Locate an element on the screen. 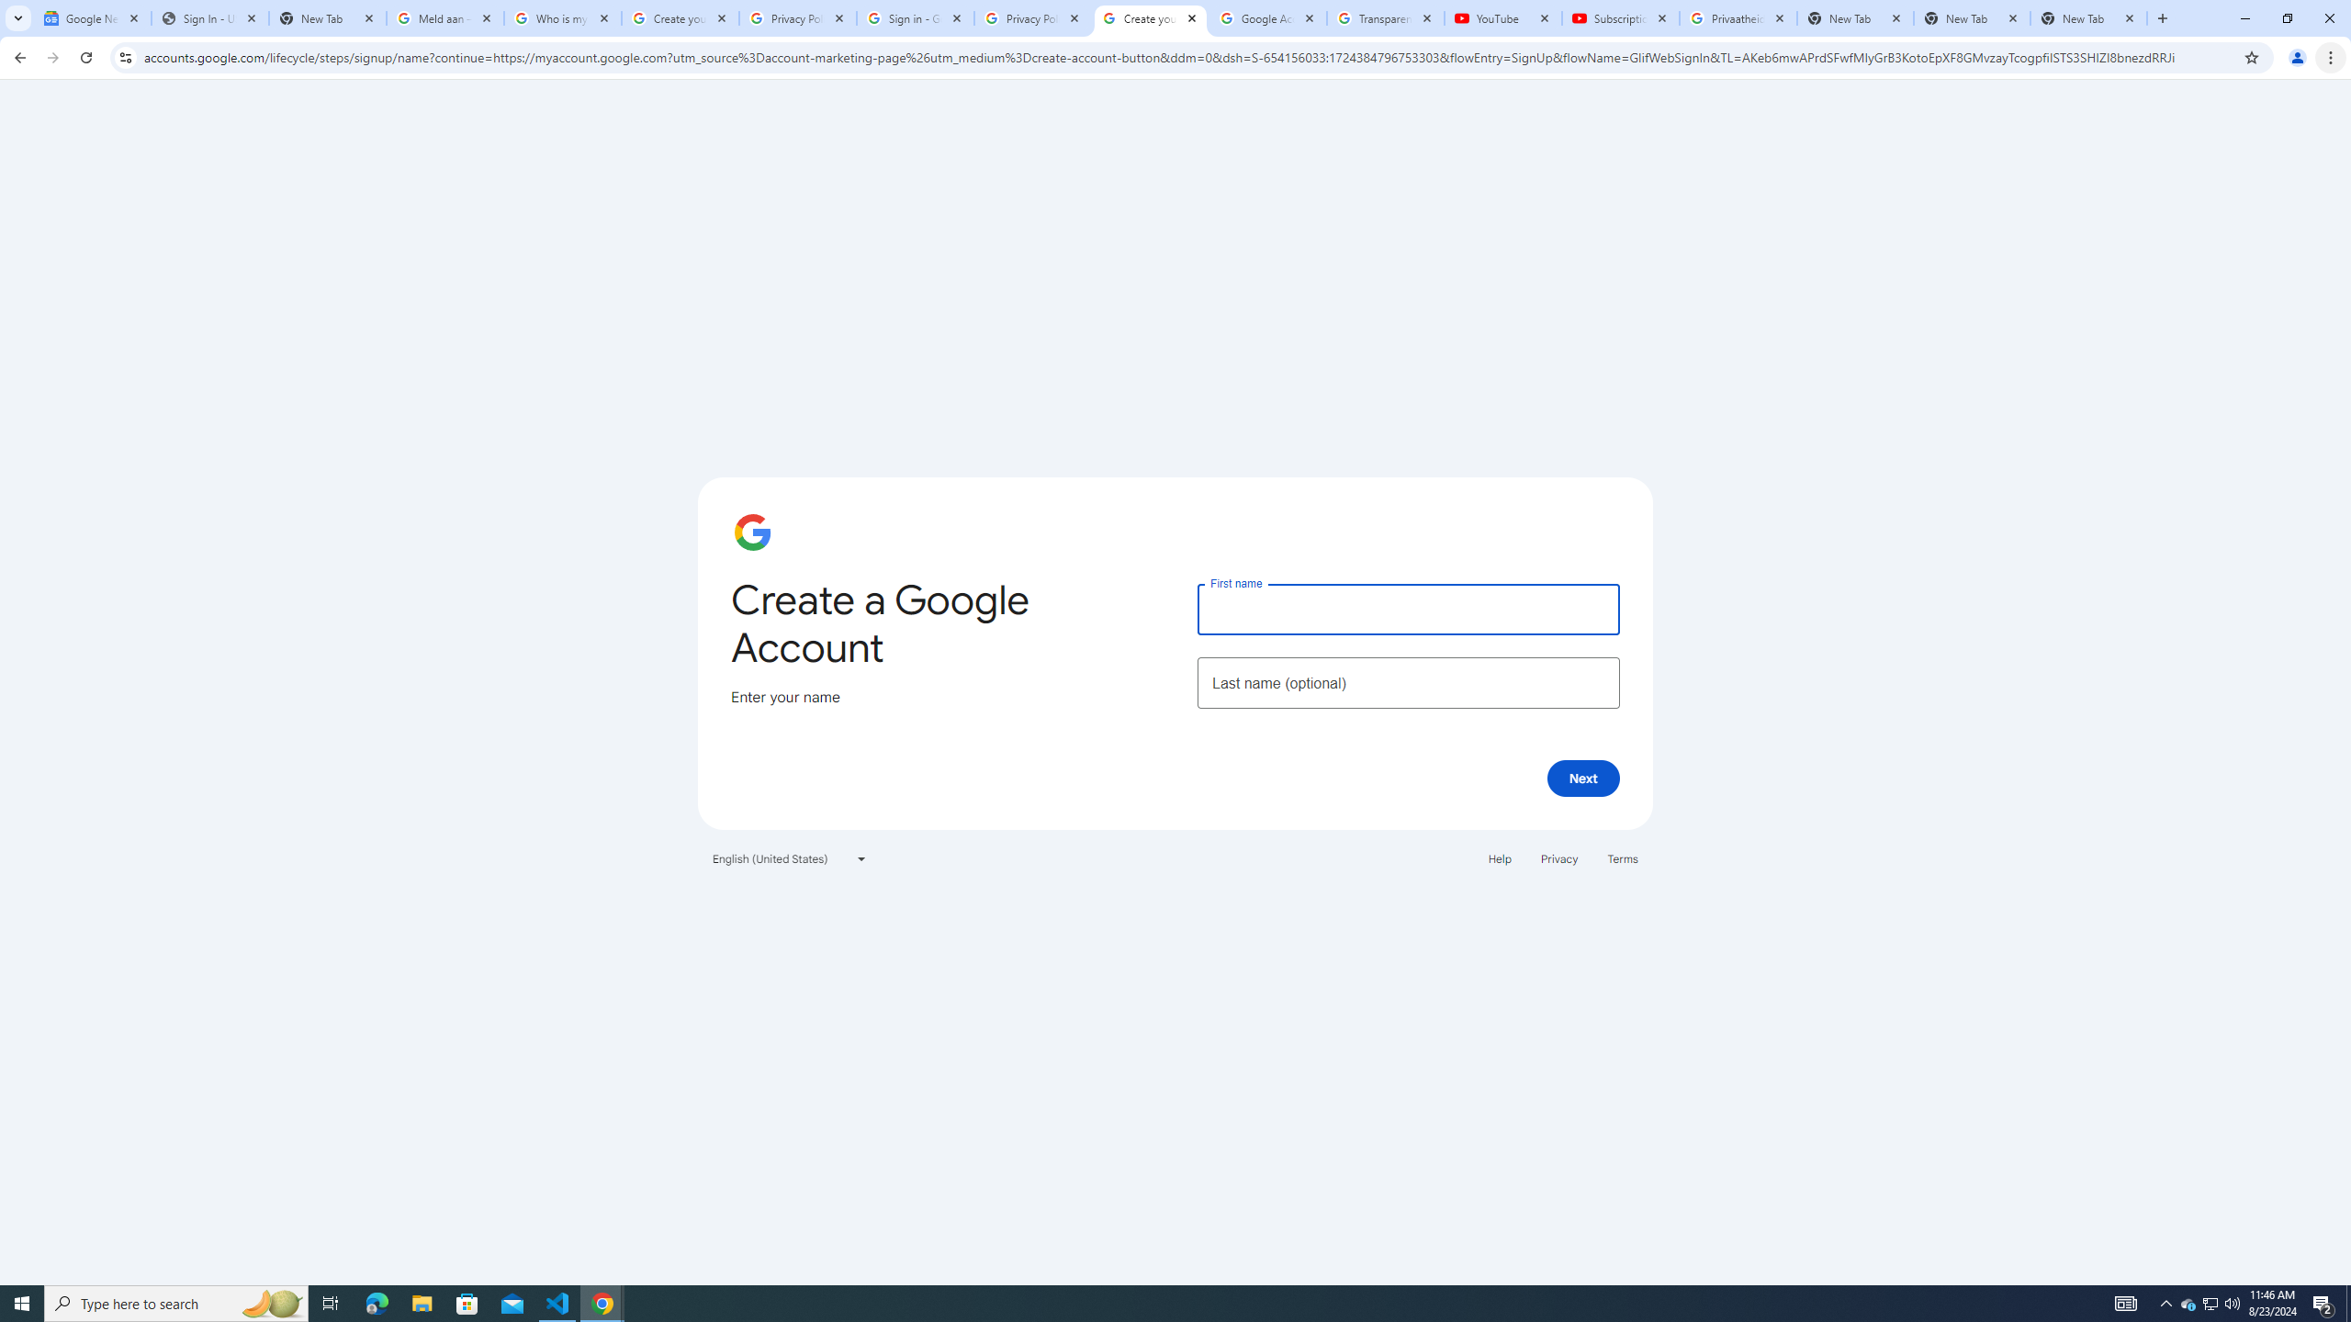 The width and height of the screenshot is (2351, 1322). 'Create your Google Account' is located at coordinates (1150, 17).